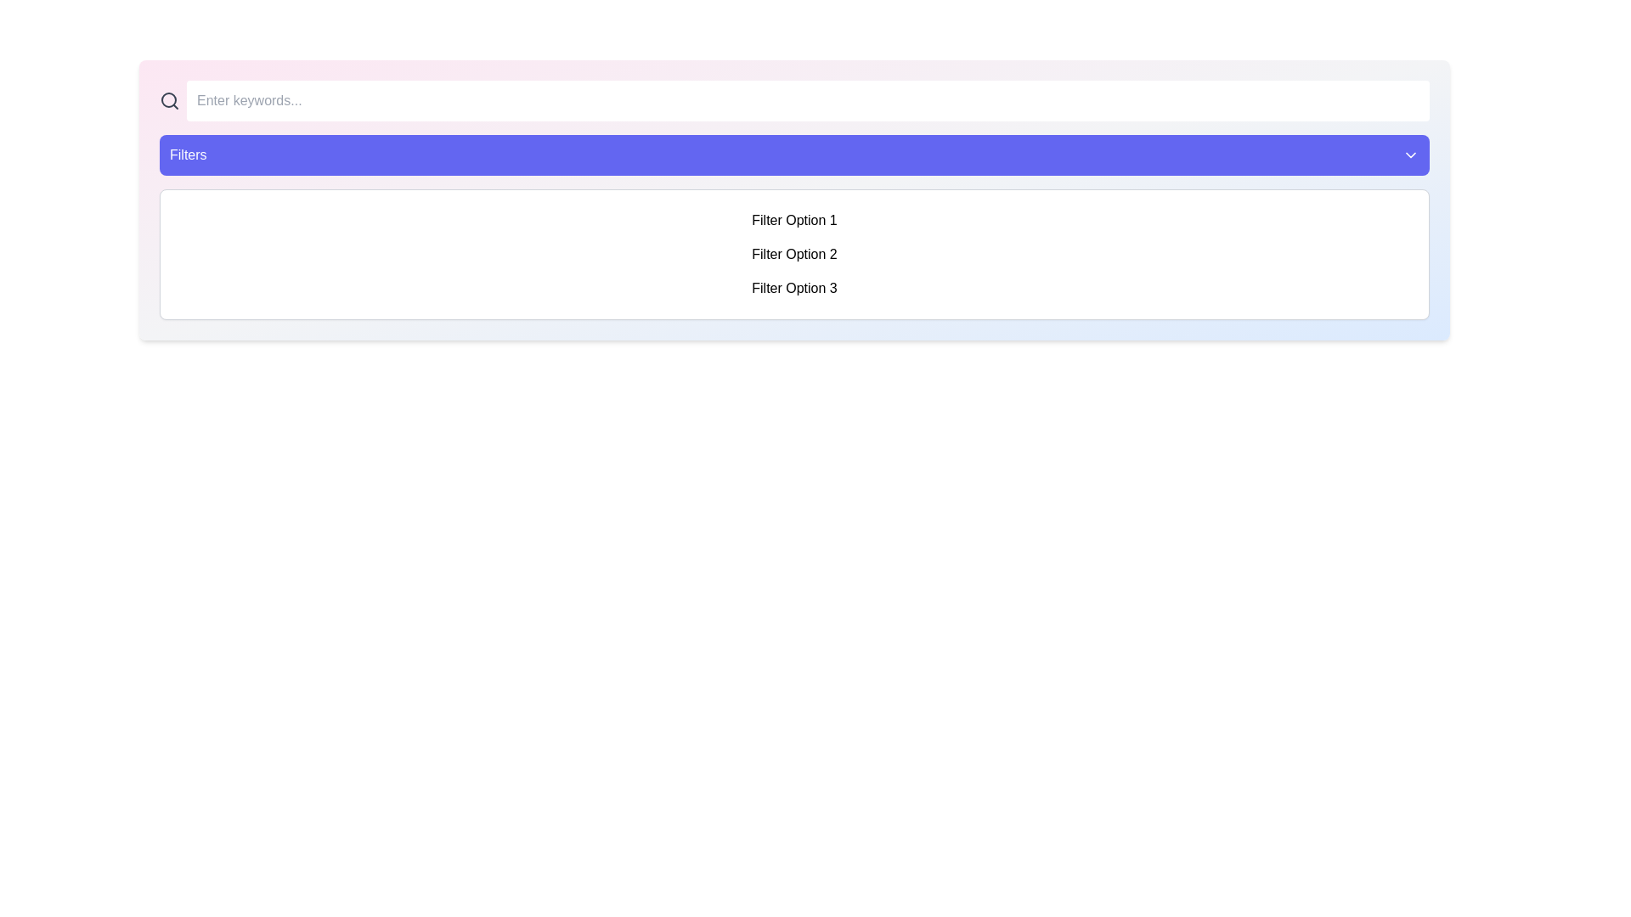  Describe the element at coordinates (1410, 155) in the screenshot. I see `the downward-pointing chevron icon located on the right side of the 'Filters' button` at that location.